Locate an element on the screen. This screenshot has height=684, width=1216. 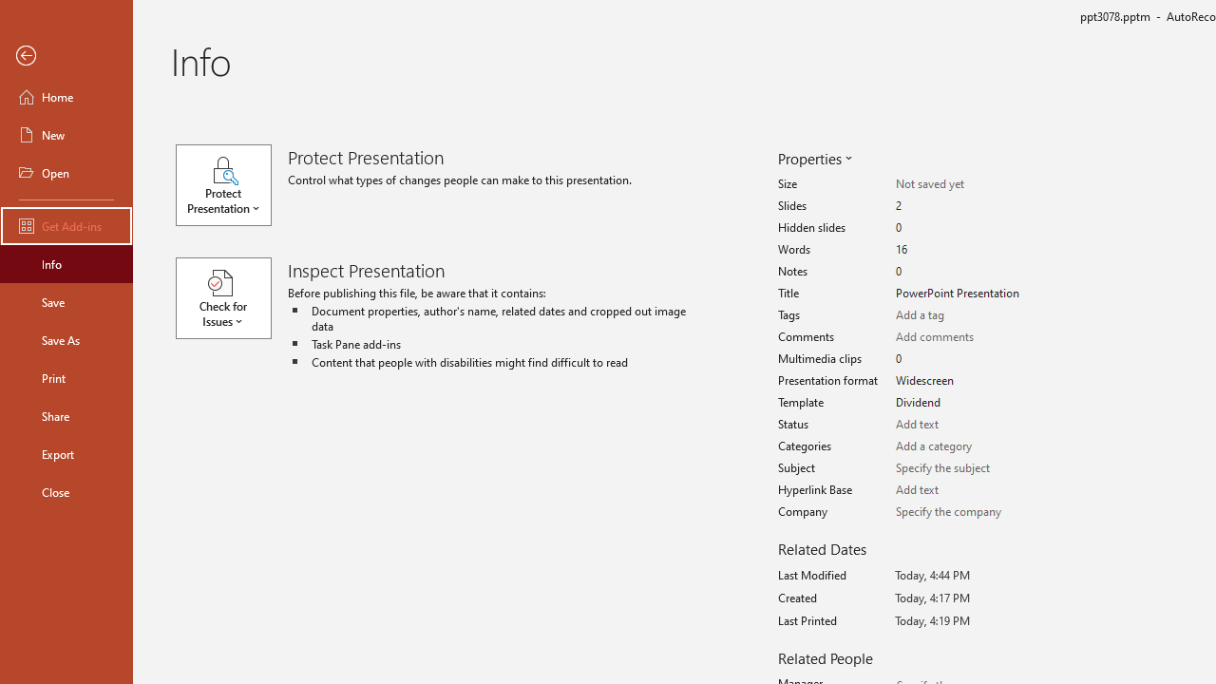
'Company' is located at coordinates (961, 511).